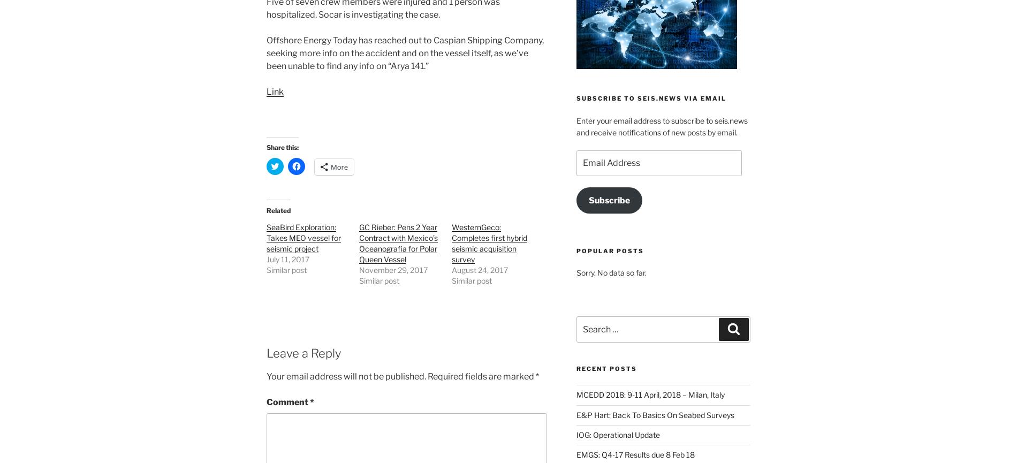  What do you see at coordinates (288, 401) in the screenshot?
I see `'Comment'` at bounding box center [288, 401].